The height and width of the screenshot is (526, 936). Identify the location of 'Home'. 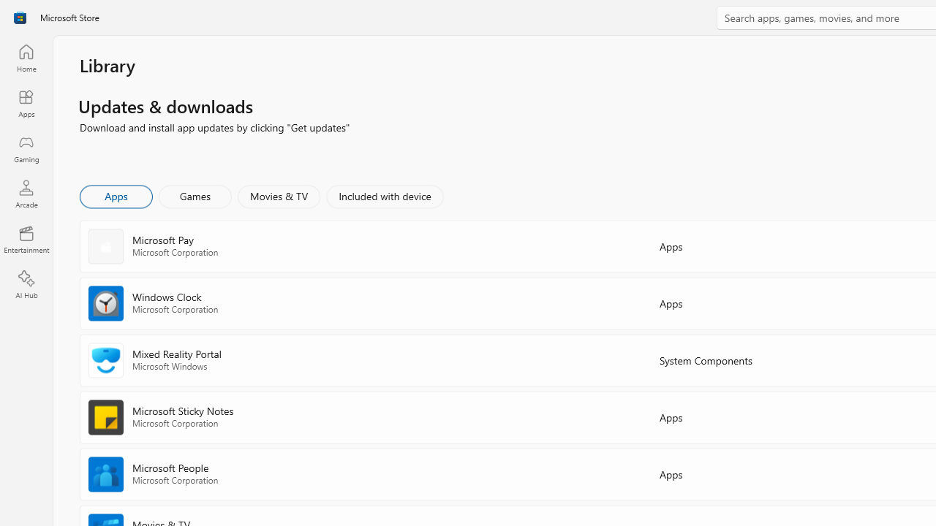
(26, 57).